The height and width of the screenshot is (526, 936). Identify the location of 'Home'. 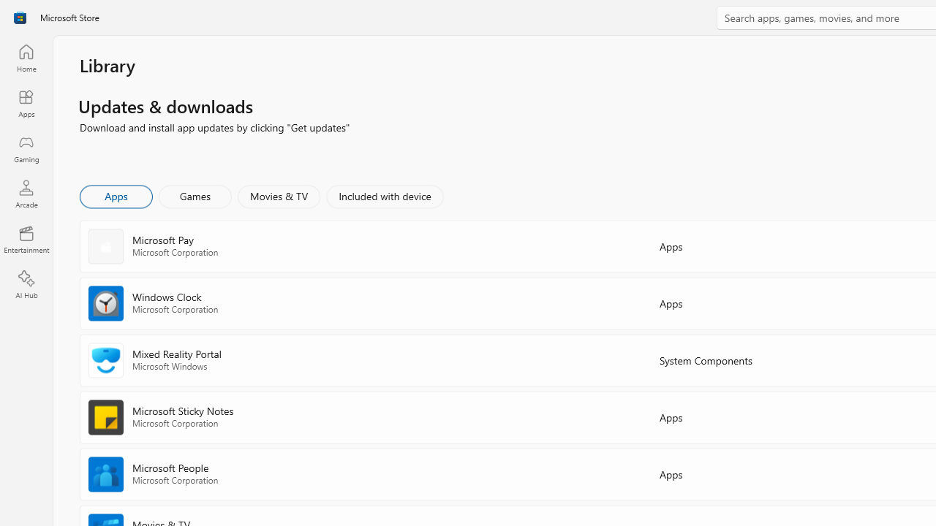
(26, 57).